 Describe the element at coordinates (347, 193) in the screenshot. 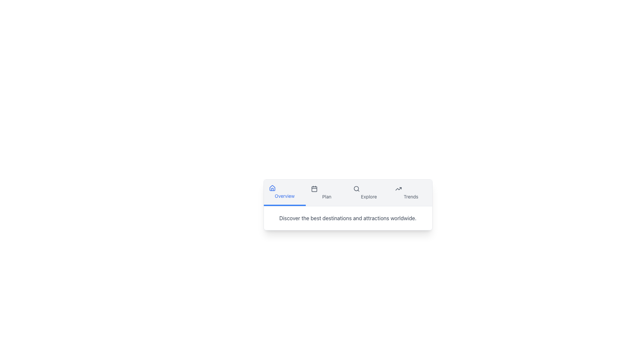

I see `the Navigation bar at the top of the lower section, which provides access to 'Overview,' 'Plan,' 'Explore,' and 'Trends.'` at that location.